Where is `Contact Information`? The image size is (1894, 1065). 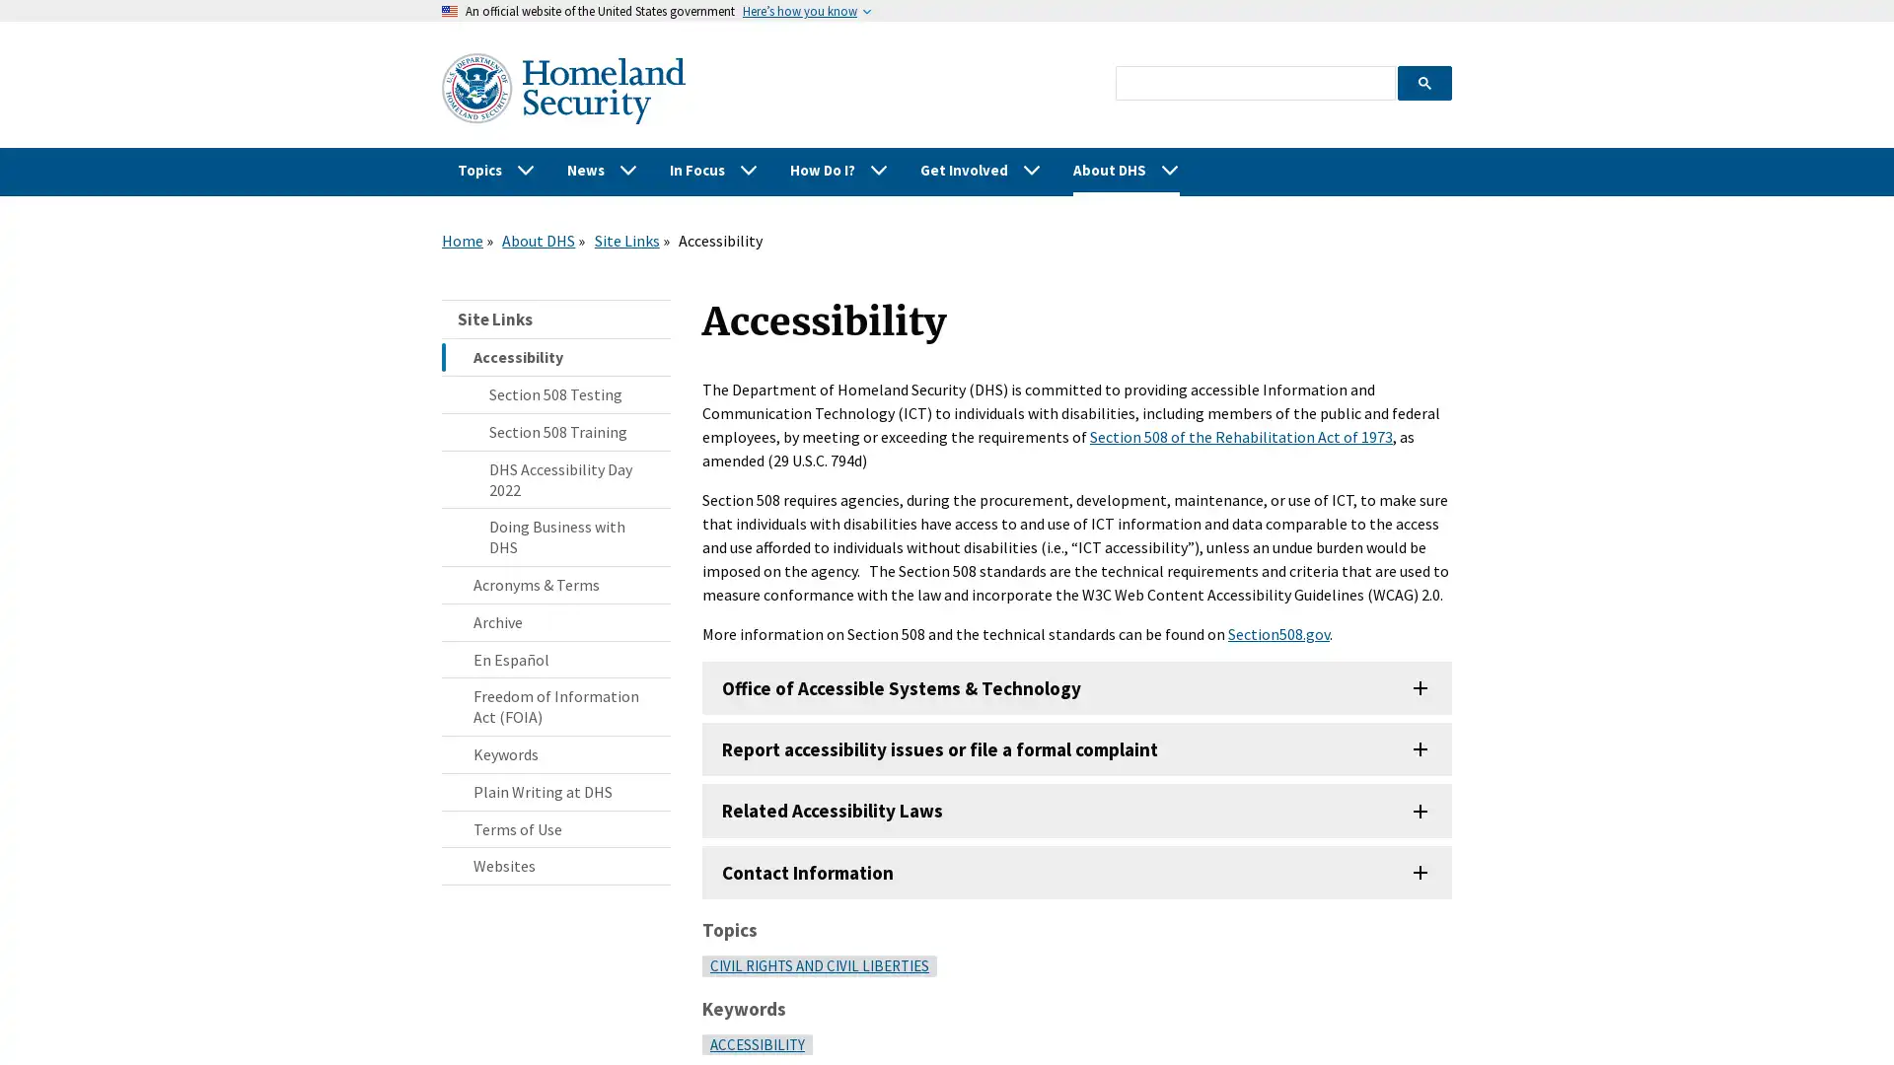
Contact Information is located at coordinates (1076, 870).